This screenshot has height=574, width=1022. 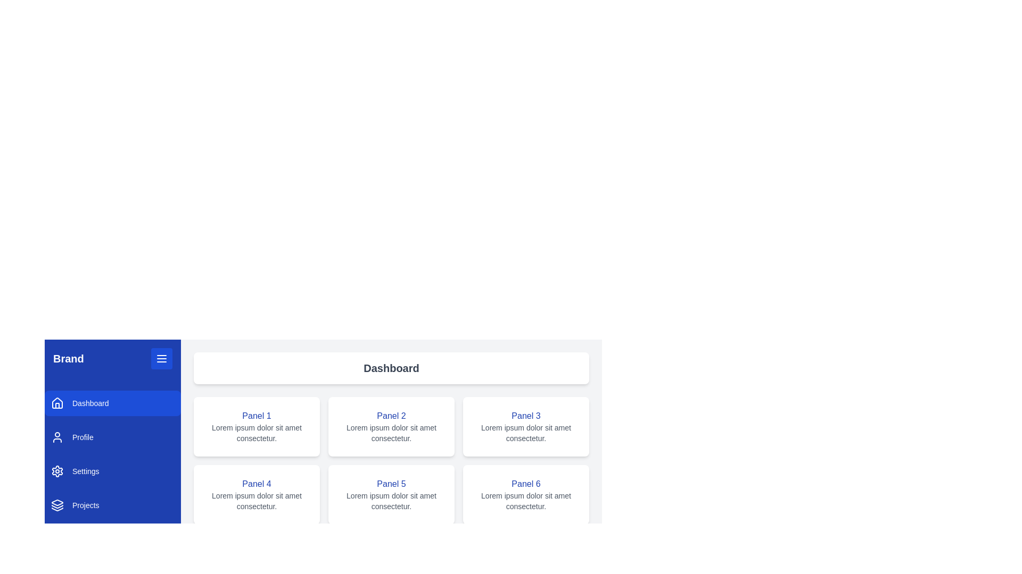 I want to click on the Text label that serves as a title or header, indicating the current section of the interface, which is horizontally centered at the top of a white box above a grid of panels, so click(x=391, y=368).